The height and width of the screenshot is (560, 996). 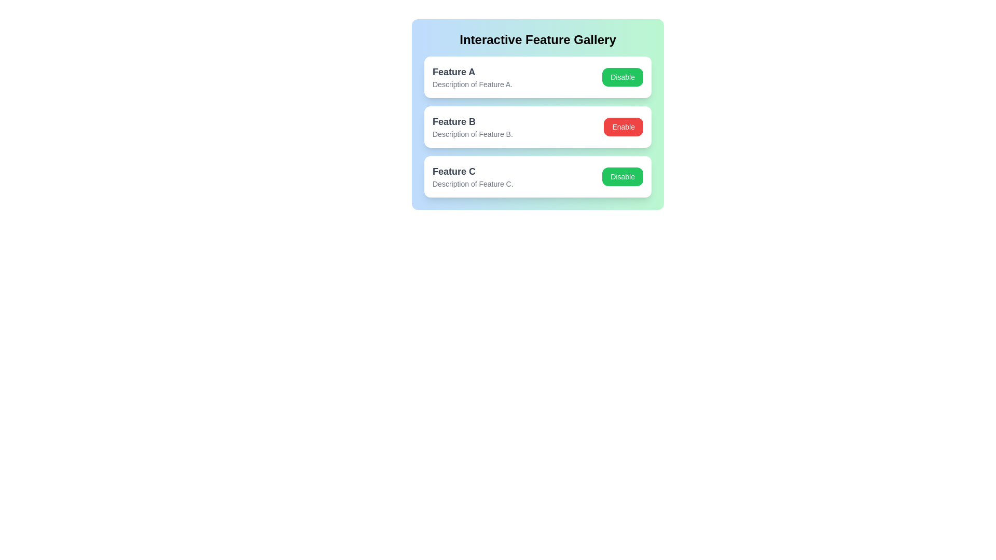 What do you see at coordinates (537, 77) in the screenshot?
I see `the feature Feature A to observe the hover effect` at bounding box center [537, 77].